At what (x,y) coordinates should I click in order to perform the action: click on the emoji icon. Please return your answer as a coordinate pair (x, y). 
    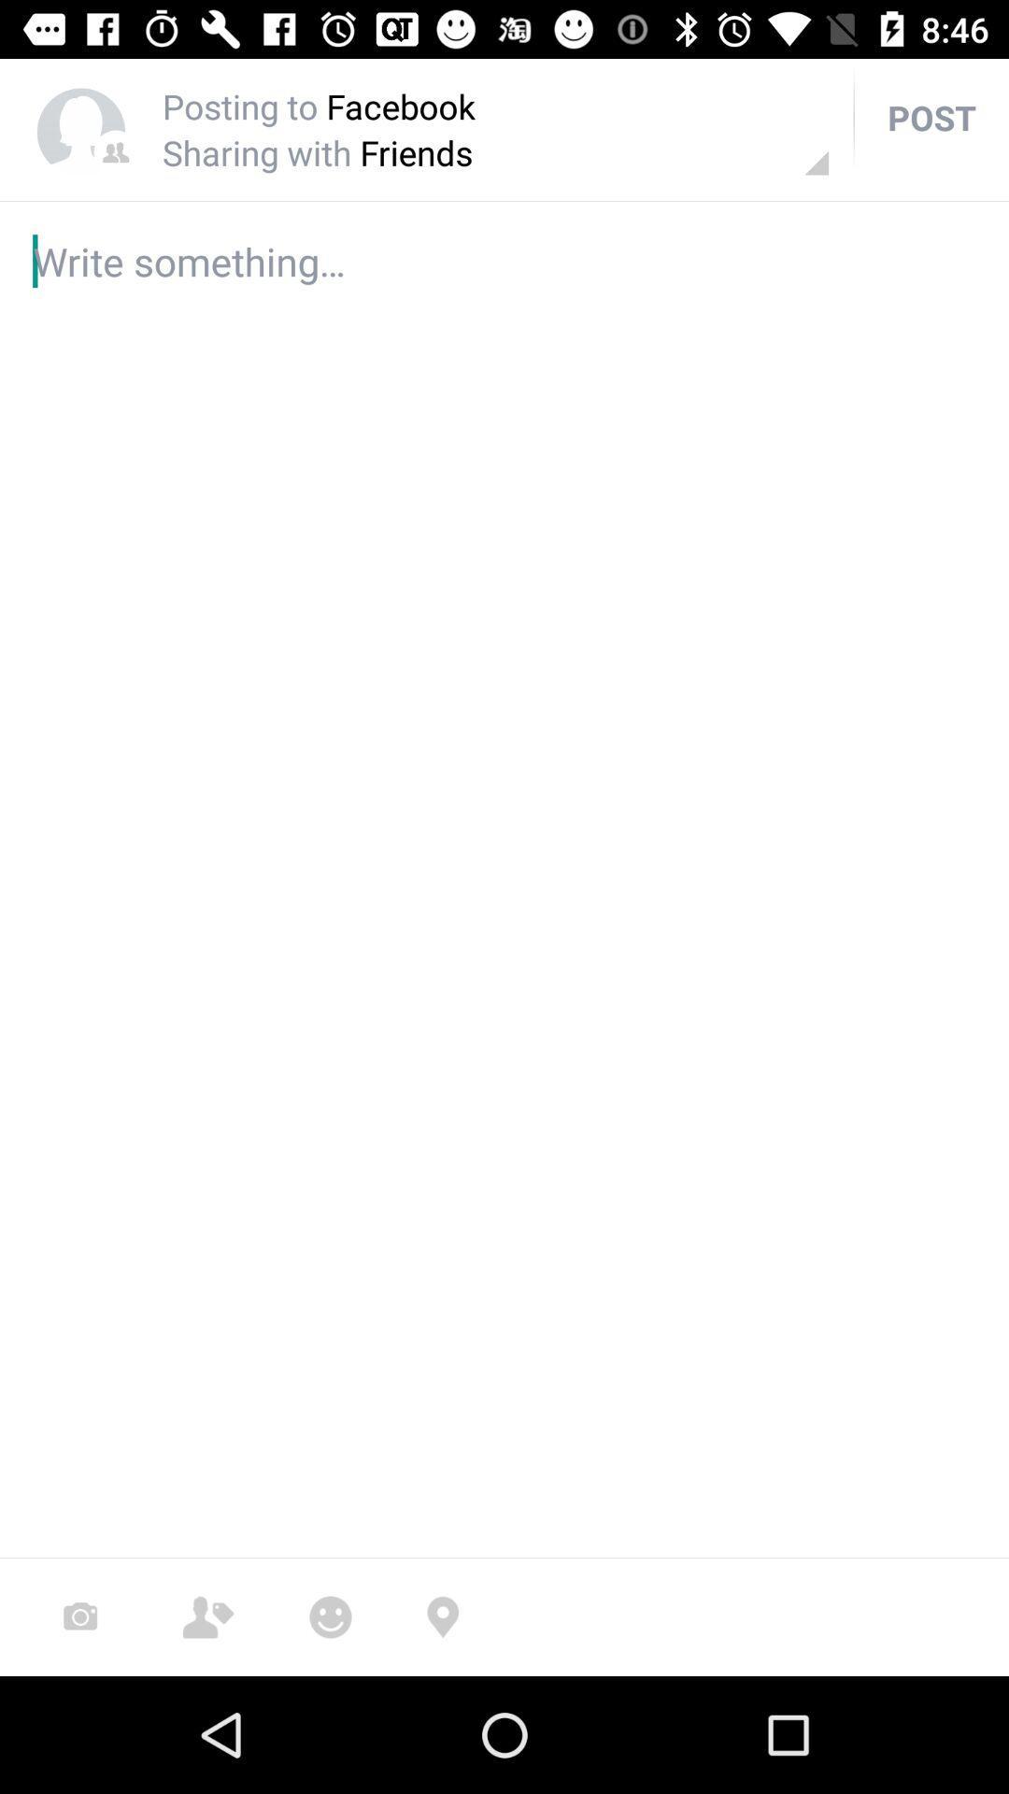
    Looking at the image, I should click on (330, 1616).